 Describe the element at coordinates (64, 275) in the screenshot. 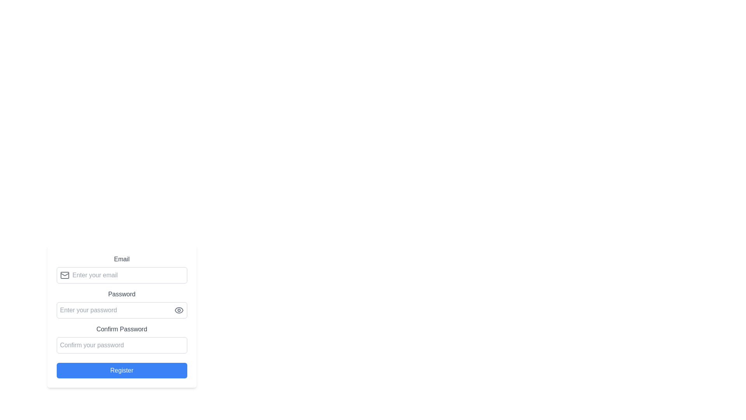

I see `the rounded rectangular icon component located within the email icon, adjacent to the email input field` at that location.